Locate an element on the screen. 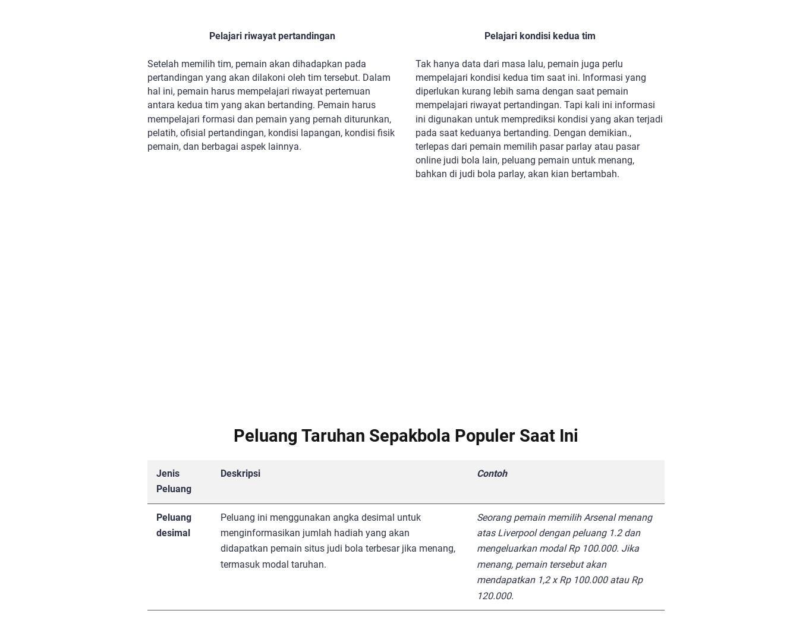 This screenshot has width=812, height=620. 'Contoh' is located at coordinates (490, 472).